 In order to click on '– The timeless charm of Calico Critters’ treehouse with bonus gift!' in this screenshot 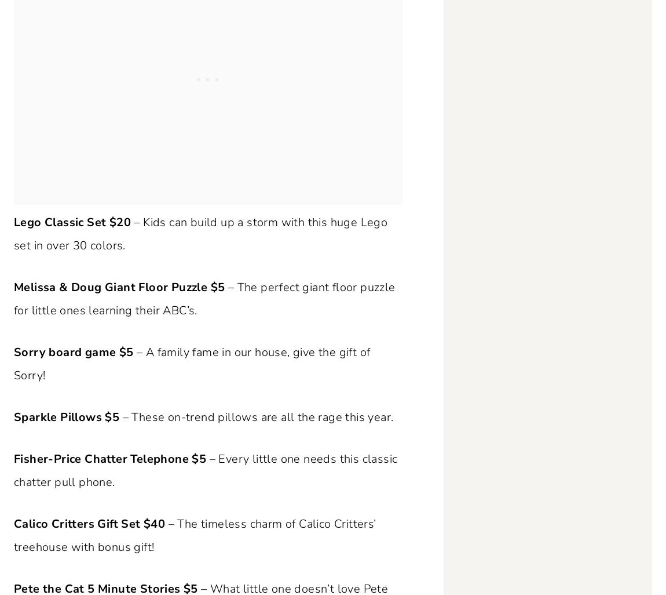, I will do `click(195, 535)`.